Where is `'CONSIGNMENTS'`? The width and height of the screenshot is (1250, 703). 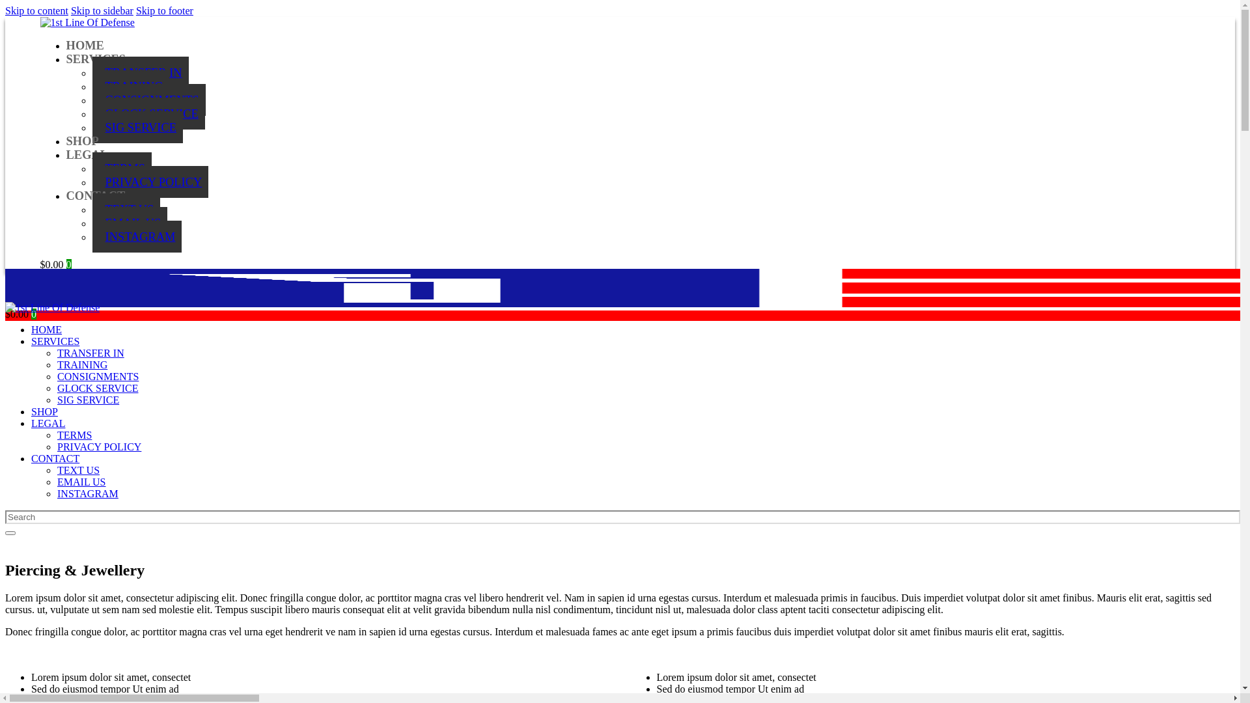 'CONSIGNMENTS' is located at coordinates (56, 376).